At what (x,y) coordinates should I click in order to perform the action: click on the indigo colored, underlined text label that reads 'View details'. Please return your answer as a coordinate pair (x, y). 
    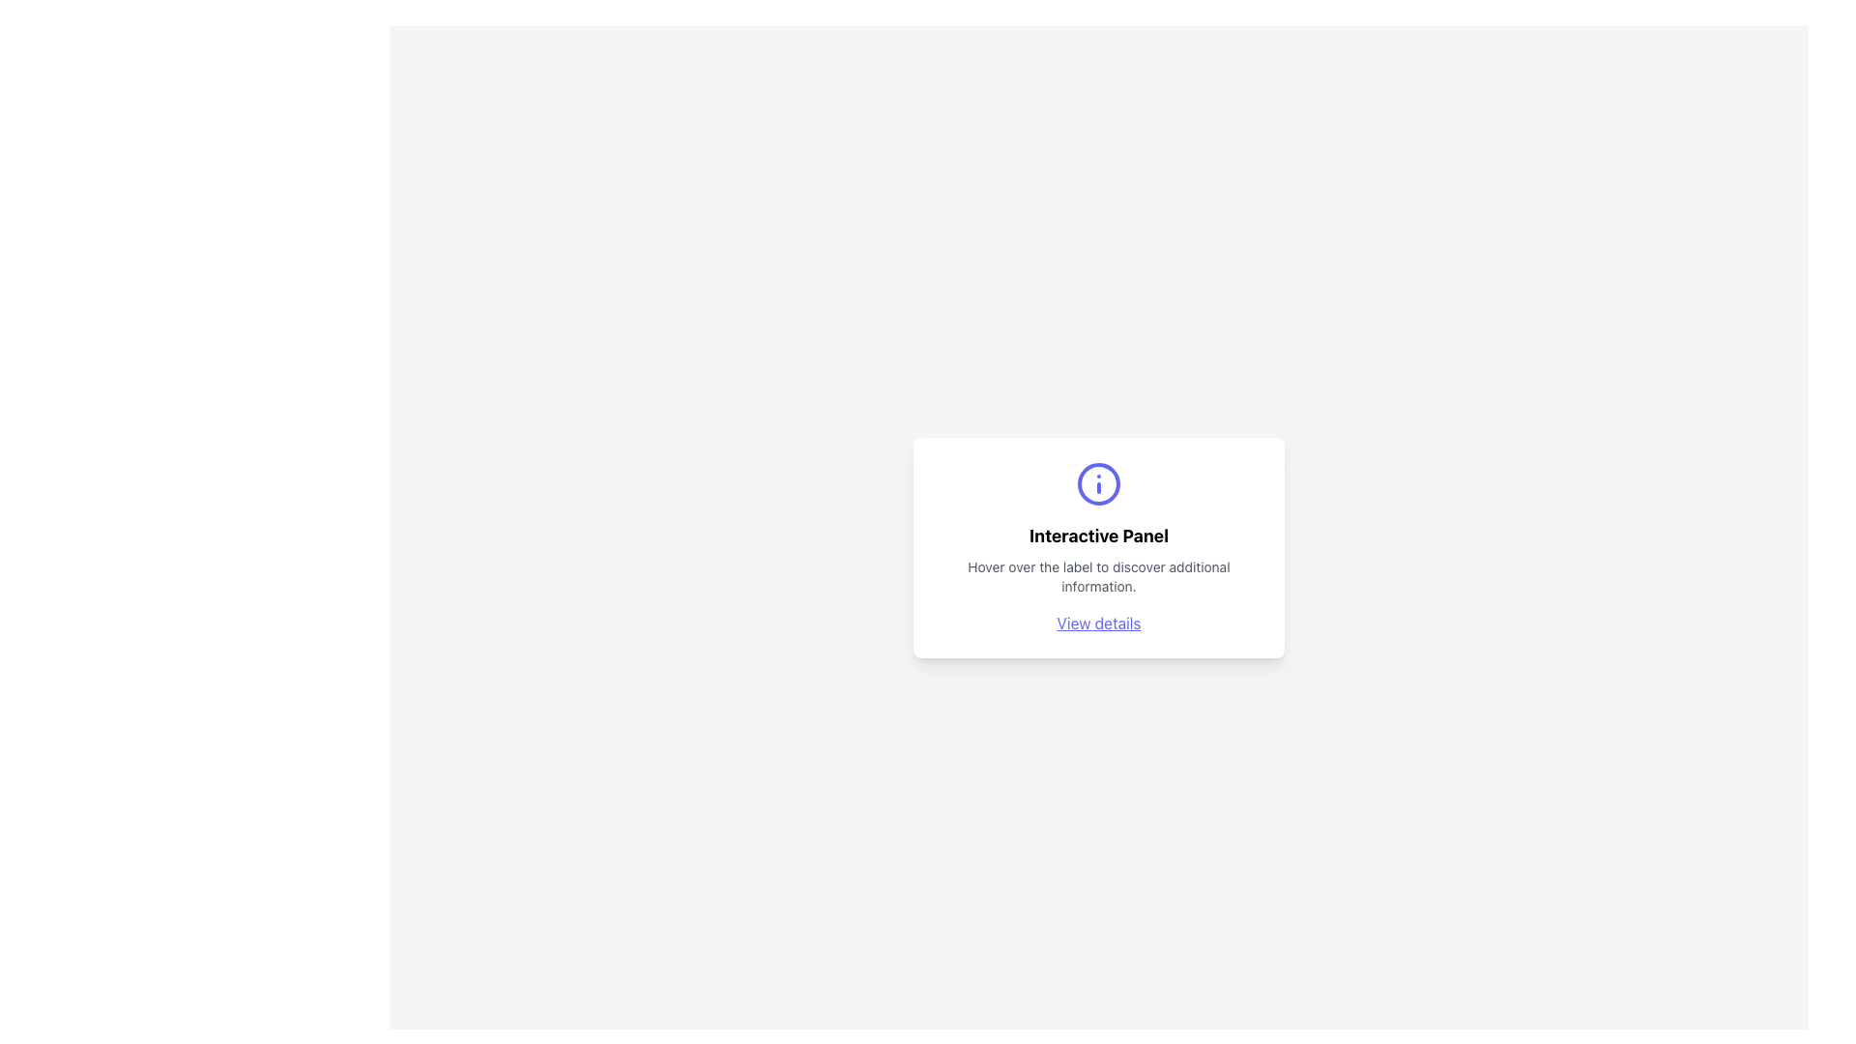
    Looking at the image, I should click on (1099, 623).